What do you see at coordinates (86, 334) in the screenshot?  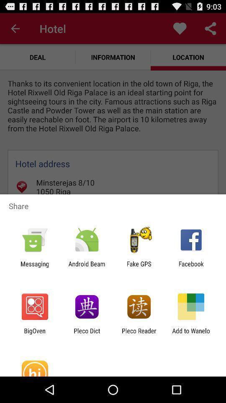 I see `the icon to the left of the pleco reader` at bounding box center [86, 334].